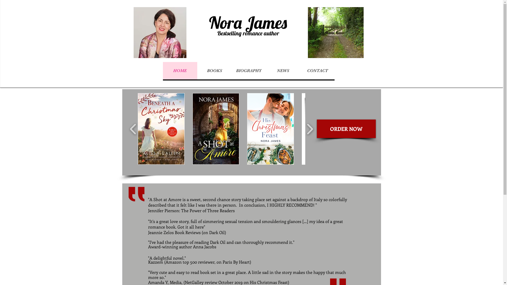 The image size is (507, 285). Describe the element at coordinates (191, 210) in the screenshot. I see `'Jennifer Pierson: The Power of Three Readers'` at that location.